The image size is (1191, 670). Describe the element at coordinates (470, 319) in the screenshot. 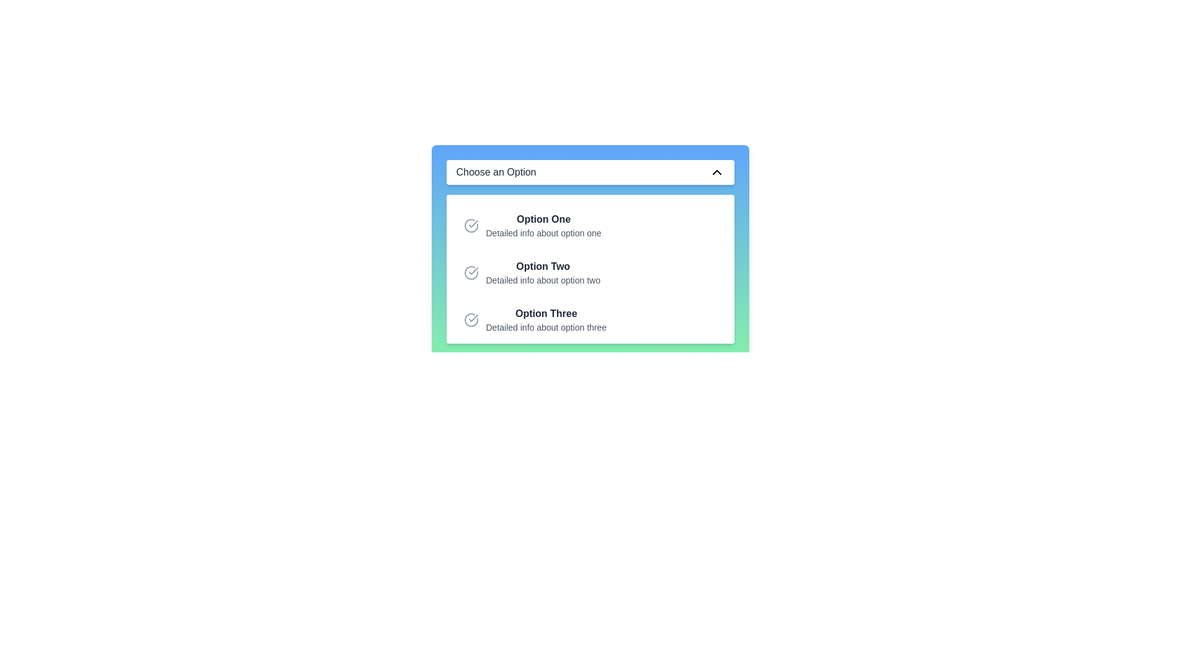

I see `the Checkmark Circle icon located to the left of the text 'Option Three' in the dropdown menu` at that location.